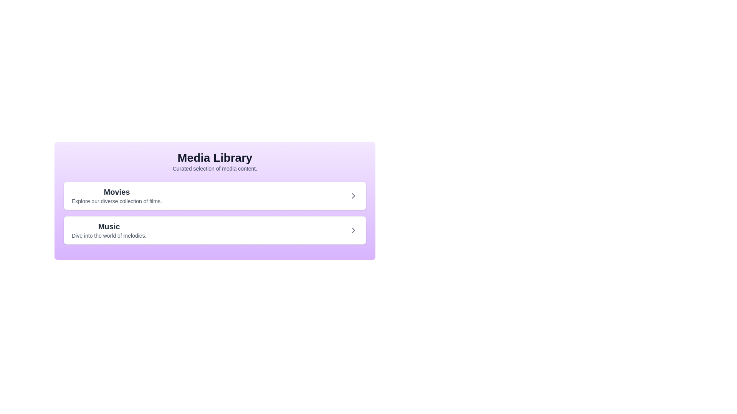  What do you see at coordinates (215, 230) in the screenshot?
I see `the selectable list item titled 'Music' to enable keyboard navigation` at bounding box center [215, 230].